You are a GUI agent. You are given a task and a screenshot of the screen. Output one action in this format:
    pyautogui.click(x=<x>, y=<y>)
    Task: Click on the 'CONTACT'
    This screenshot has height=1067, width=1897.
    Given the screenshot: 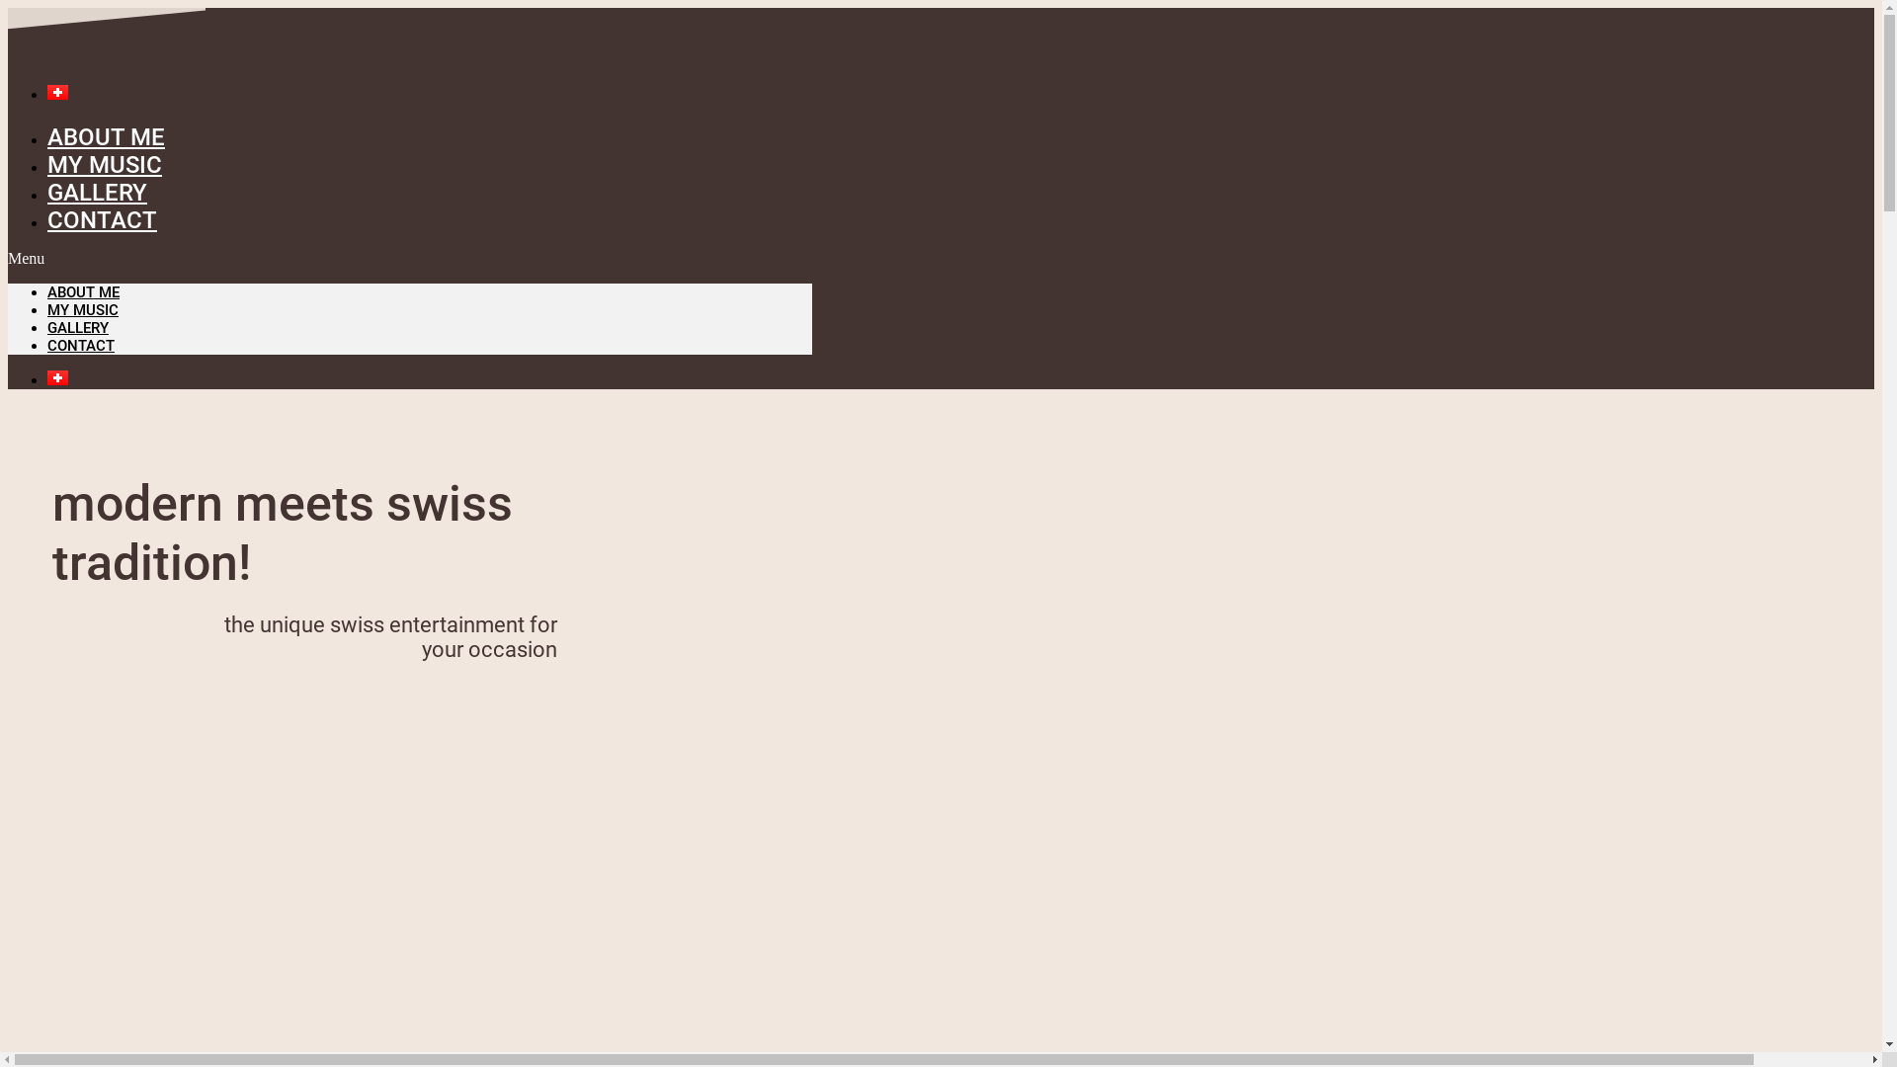 What is the action you would take?
    pyautogui.click(x=79, y=345)
    